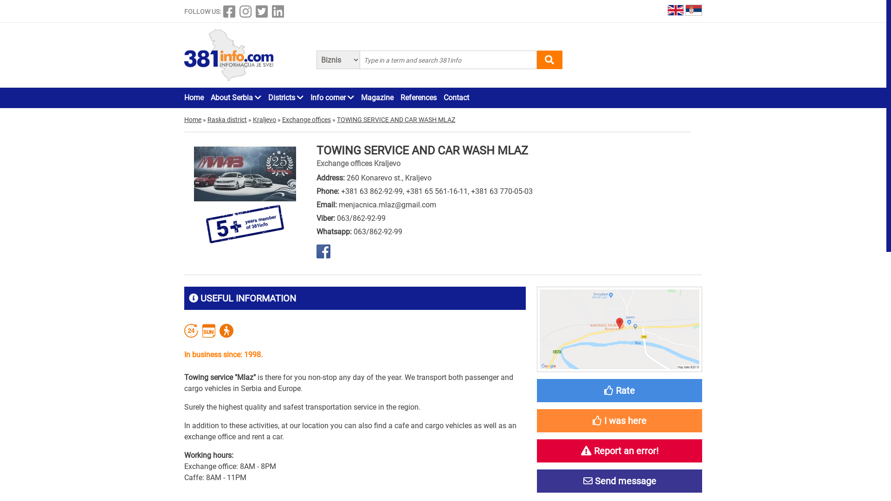  I want to click on 'menjacnica.mlaz@gmail.com', so click(387, 204).